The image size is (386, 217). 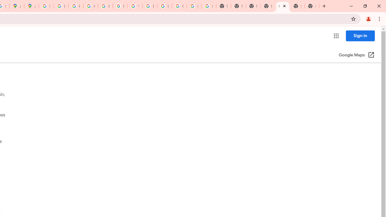 I want to click on 'Crisis-related alerts in Google Maps - Google Maps Help', so click(x=282, y=6).